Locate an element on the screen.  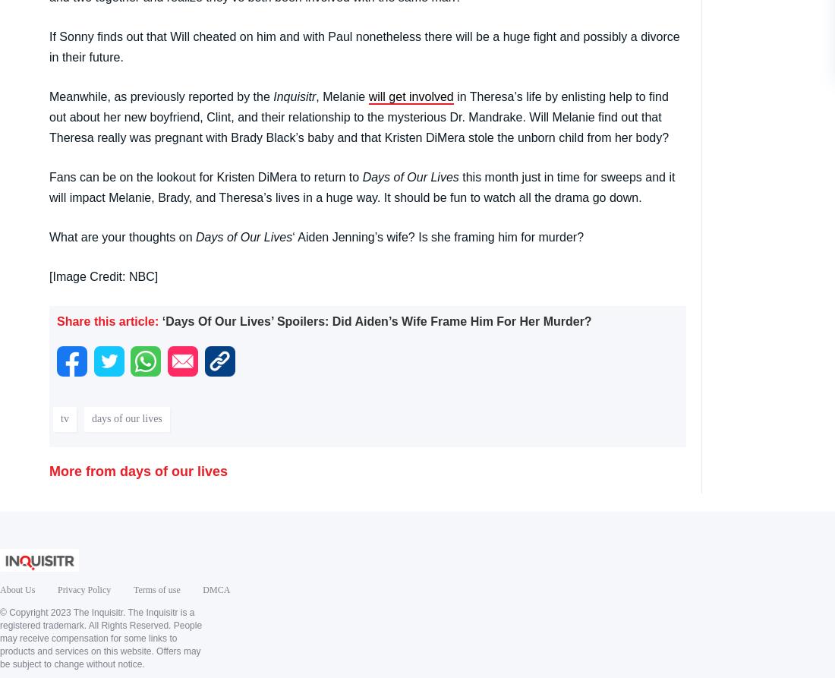
'About Us' is located at coordinates (0, 588).